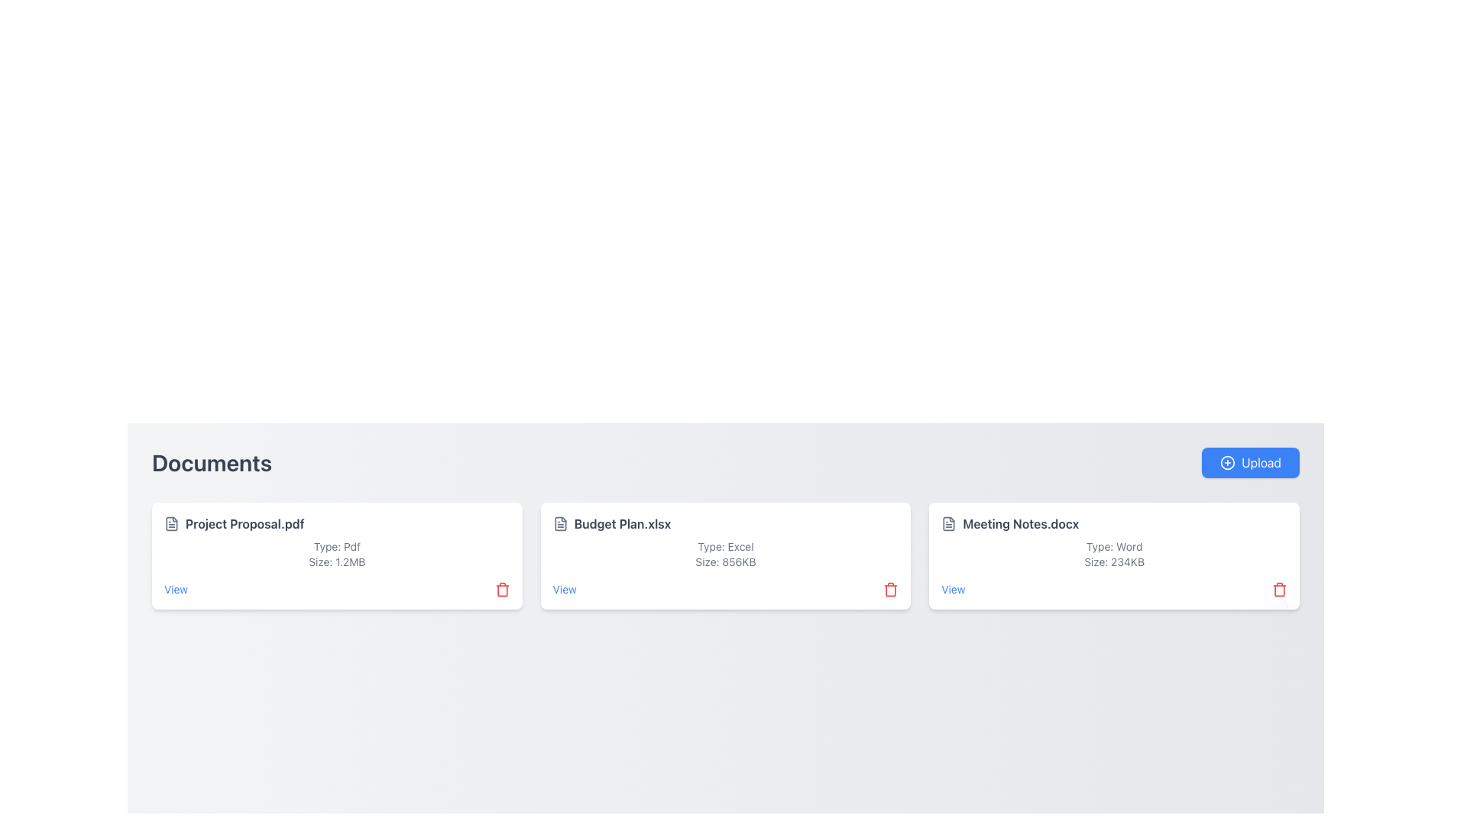 The image size is (1467, 825). What do you see at coordinates (623, 523) in the screenshot?
I see `the text label displaying 'Budget Plan.xlsx' located in the second document card in a three-card layout, positioned towards the top-center of the card` at bounding box center [623, 523].